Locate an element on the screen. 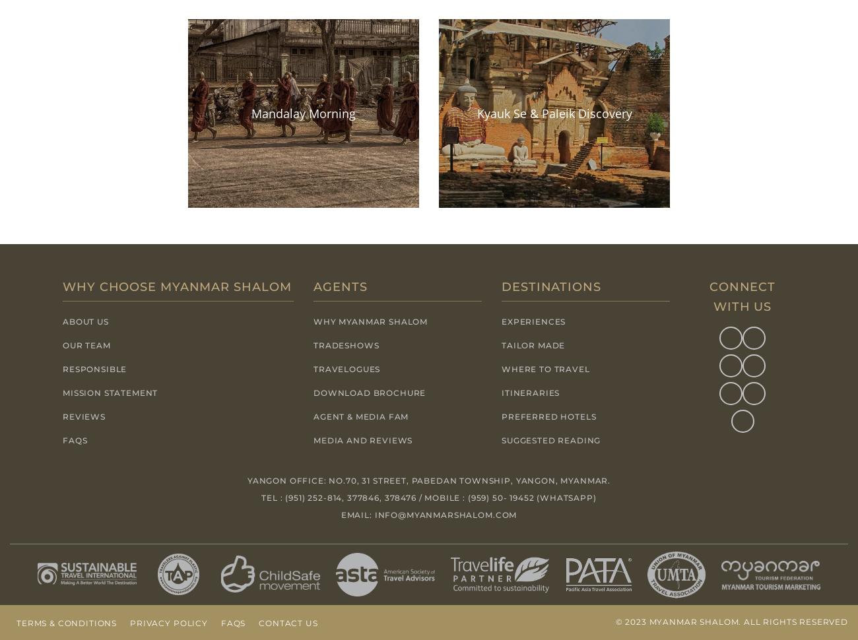 Image resolution: width=858 pixels, height=640 pixels. 'Tradeshows' is located at coordinates (346, 344).